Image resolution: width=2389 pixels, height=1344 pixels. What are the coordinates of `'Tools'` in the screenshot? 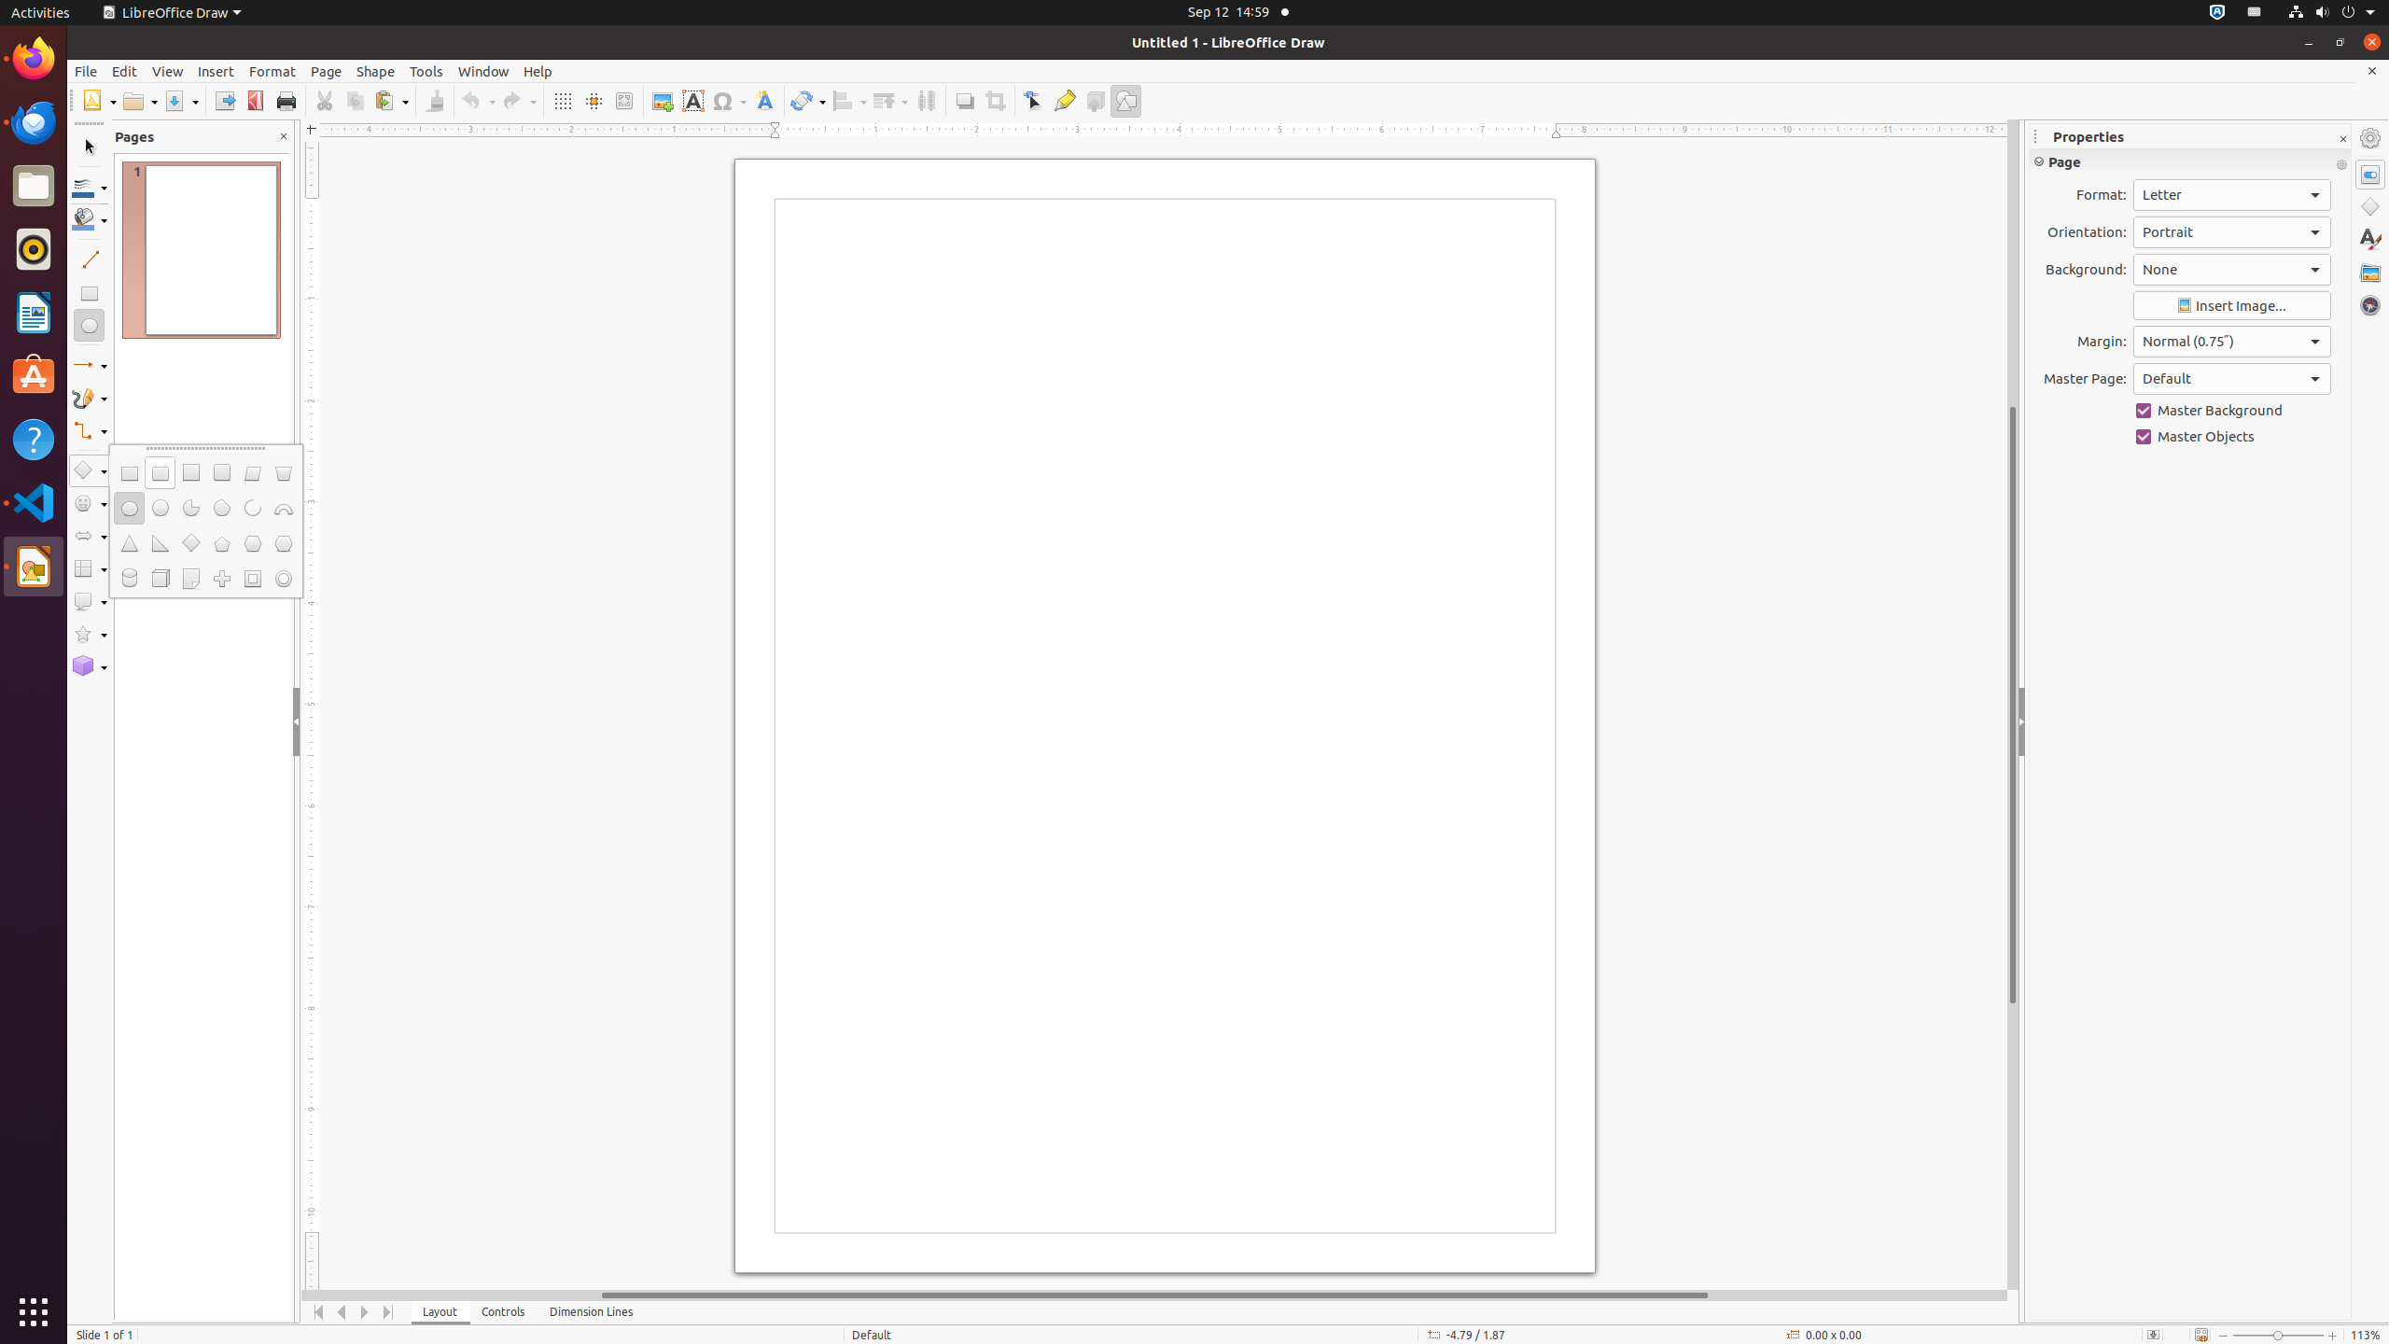 It's located at (426, 71).